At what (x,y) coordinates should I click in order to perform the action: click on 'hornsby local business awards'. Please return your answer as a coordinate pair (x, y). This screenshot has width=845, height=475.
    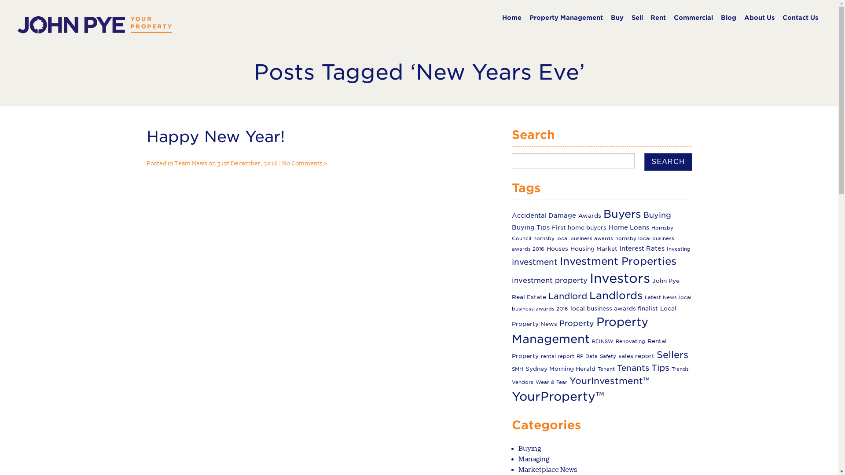
    Looking at the image, I should click on (573, 238).